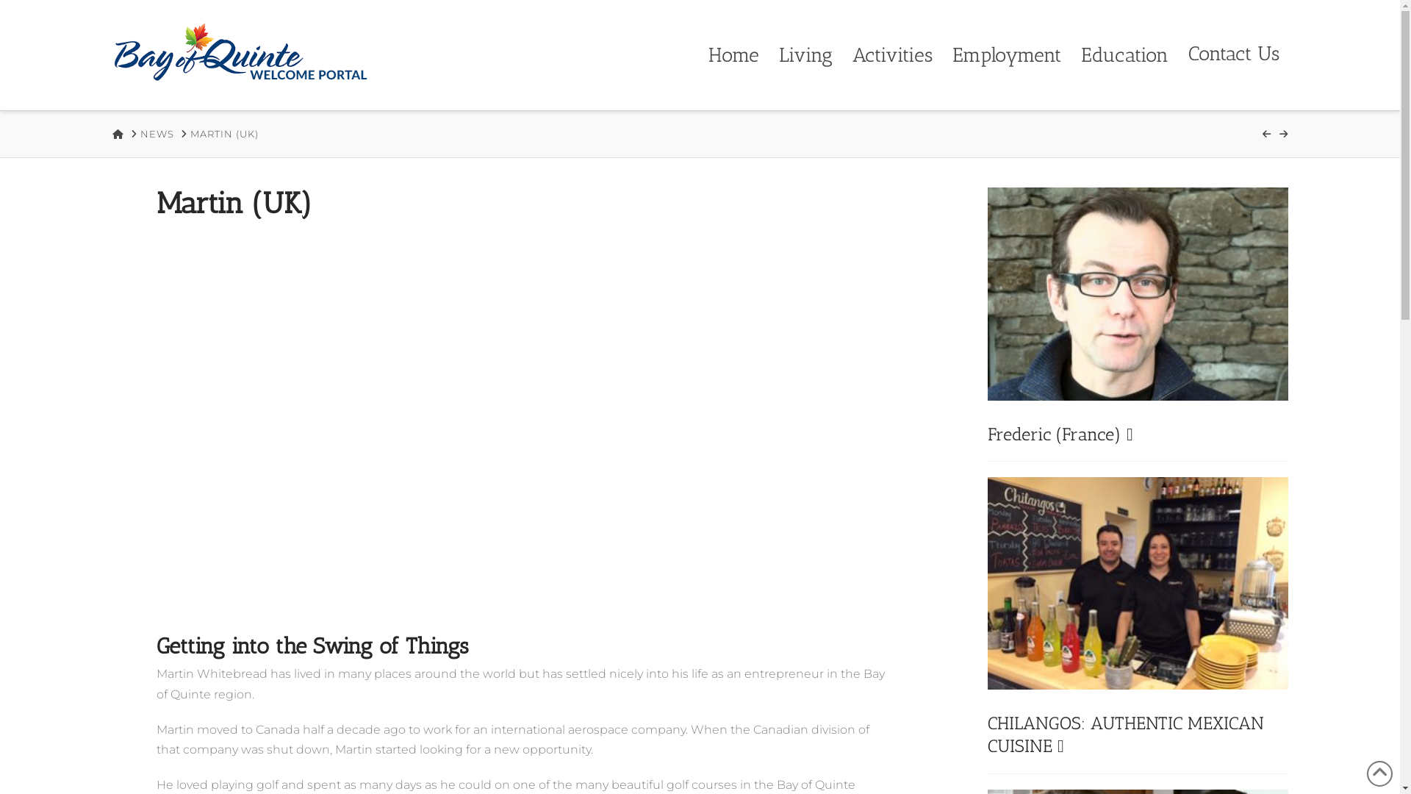 Image resolution: width=1411 pixels, height=794 pixels. I want to click on 'HOME', so click(116, 134).